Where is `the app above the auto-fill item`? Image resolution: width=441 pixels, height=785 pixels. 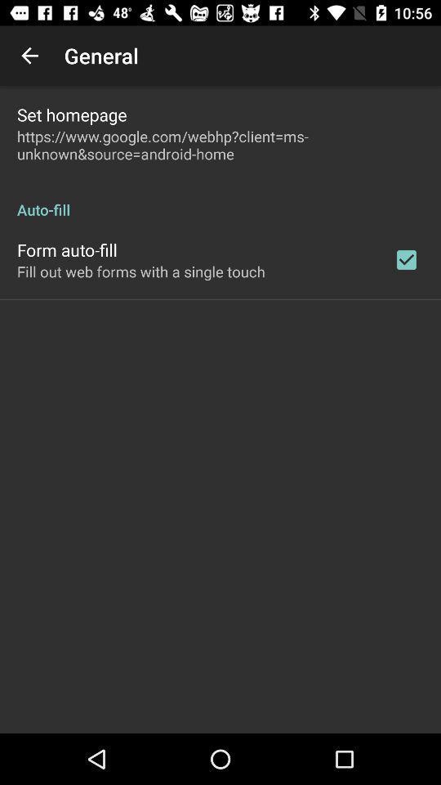
the app above the auto-fill item is located at coordinates (220, 144).